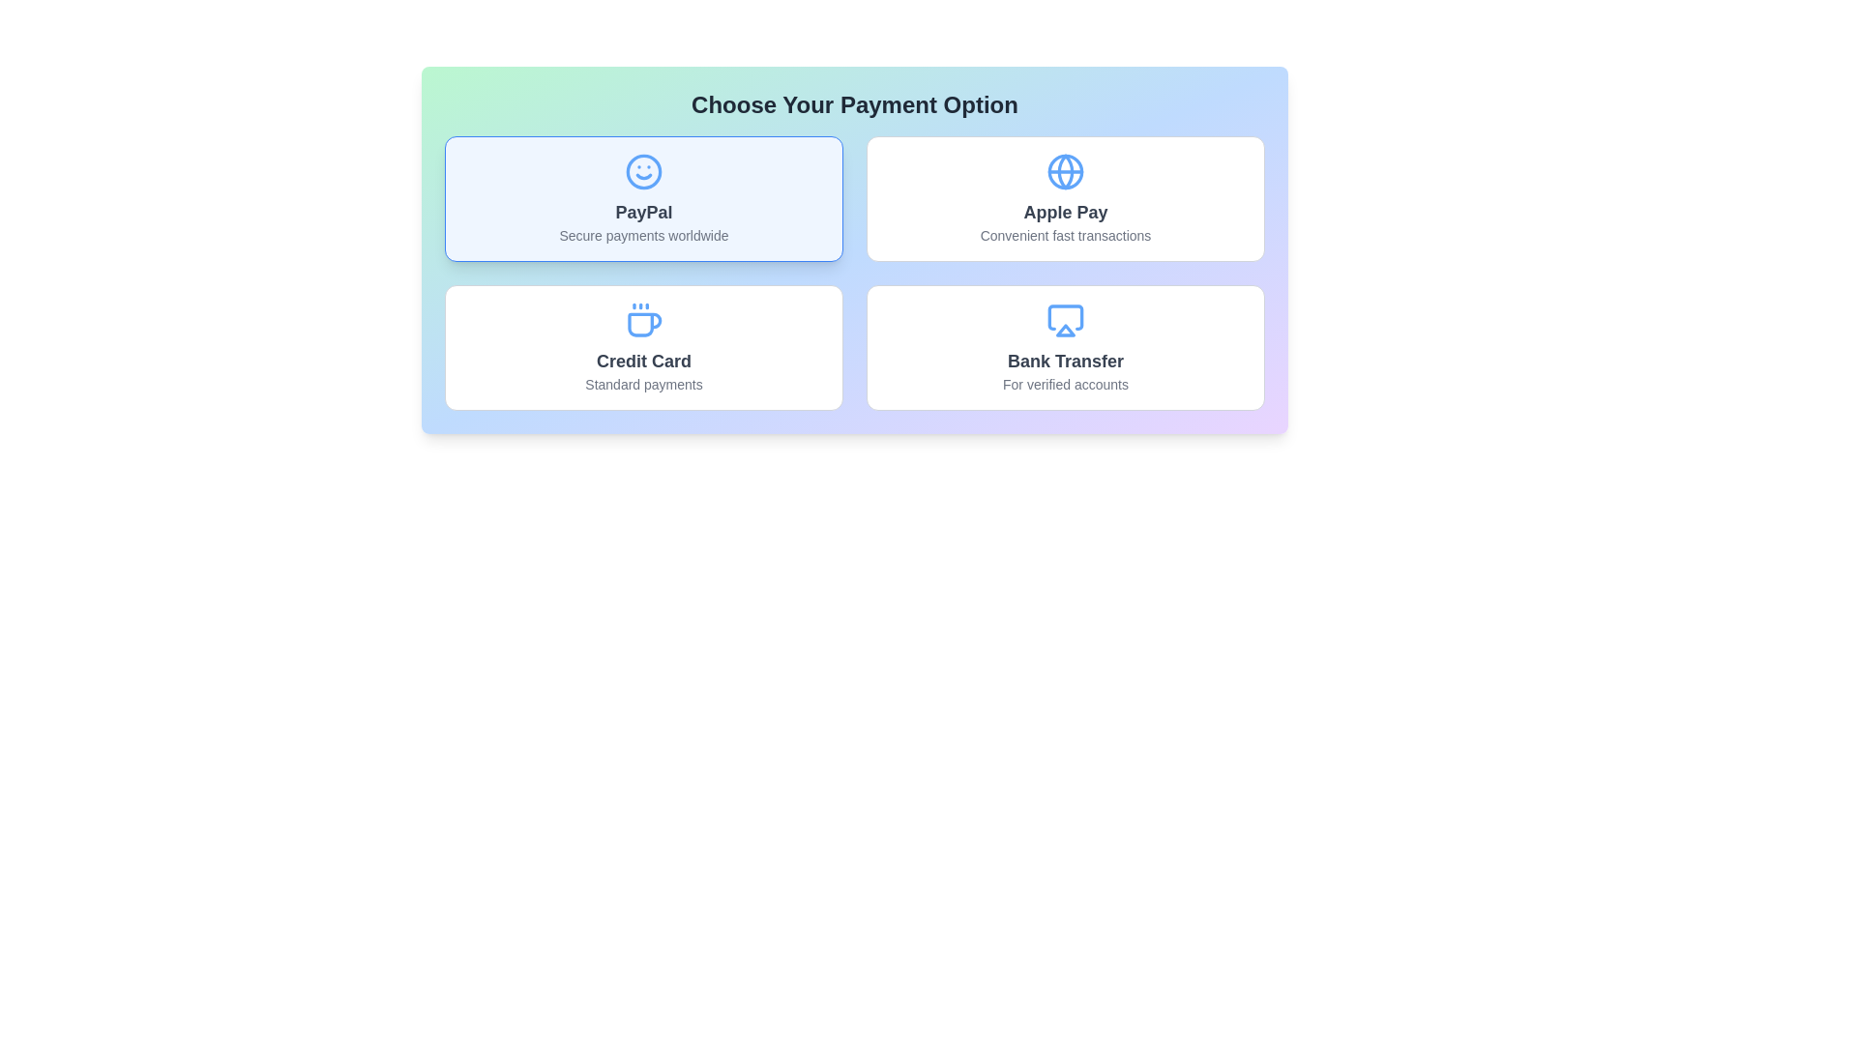 The height and width of the screenshot is (1044, 1857). I want to click on the central circular component of the smiley face icon within the 'PayPal' selection option interface, so click(644, 170).